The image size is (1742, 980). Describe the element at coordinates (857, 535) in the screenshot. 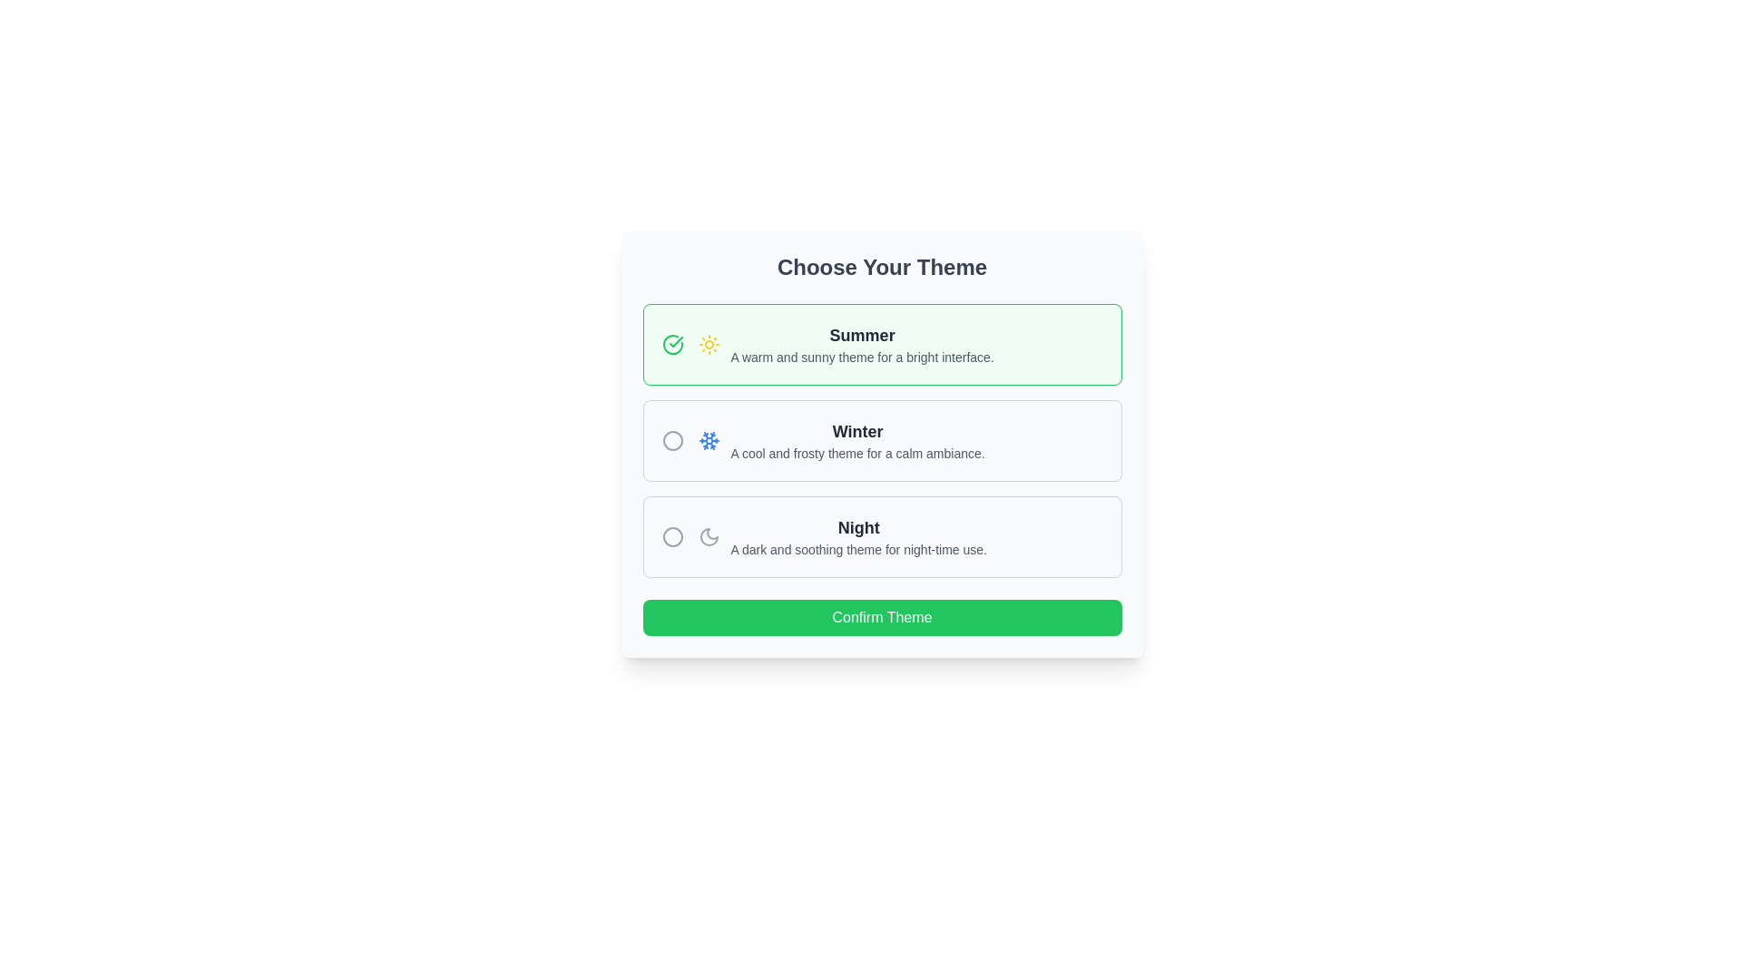

I see `text from the 'Night' theme selection Text Block, which displays a bold title 'Night' and a description 'A dark and soothing theme for night-time use.'` at that location.